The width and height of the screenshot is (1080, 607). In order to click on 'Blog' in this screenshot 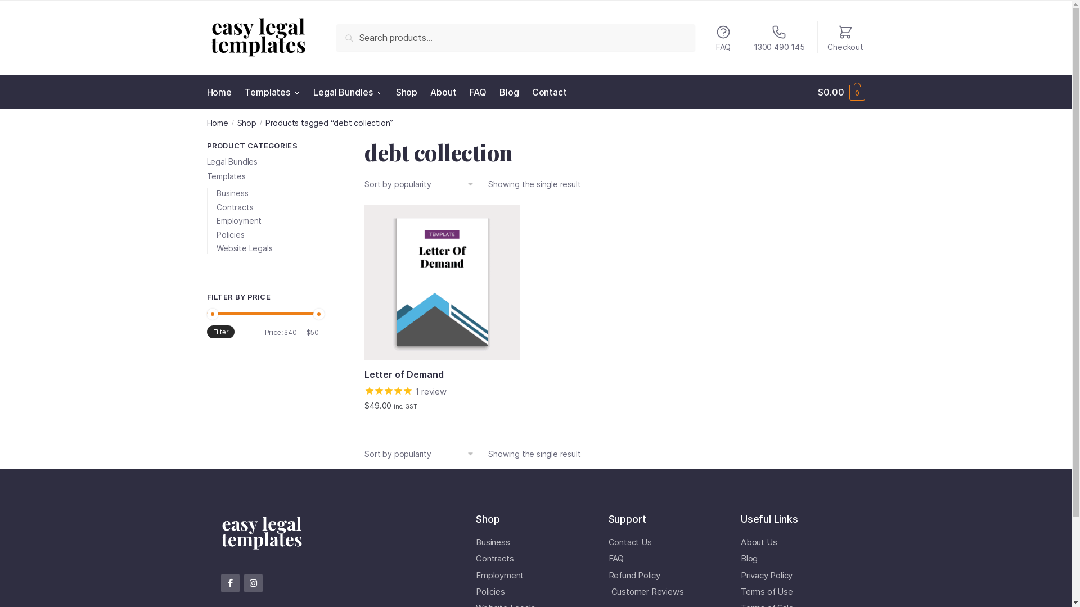, I will do `click(795, 559)`.